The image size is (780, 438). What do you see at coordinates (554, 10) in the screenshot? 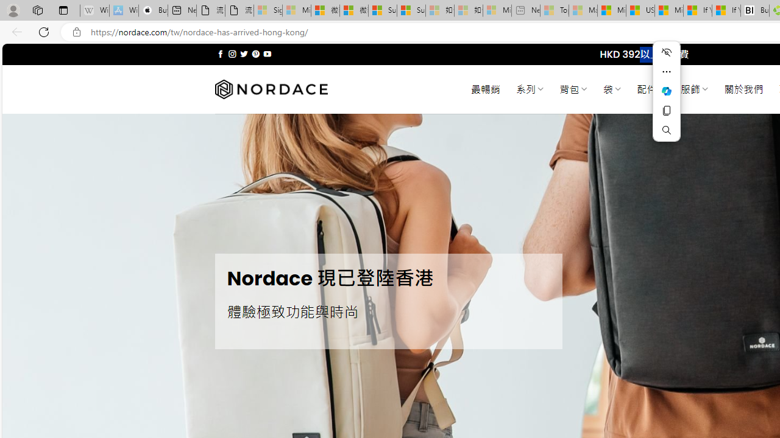
I see `'Top Stories - MSN - Sleeping'` at bounding box center [554, 10].